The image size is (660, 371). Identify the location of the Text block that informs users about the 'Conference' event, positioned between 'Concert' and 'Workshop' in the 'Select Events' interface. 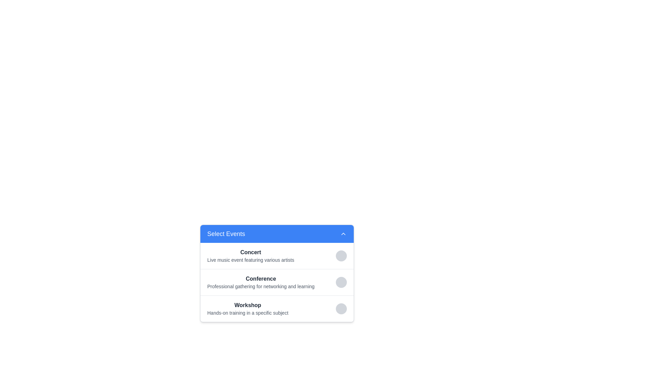
(260, 282).